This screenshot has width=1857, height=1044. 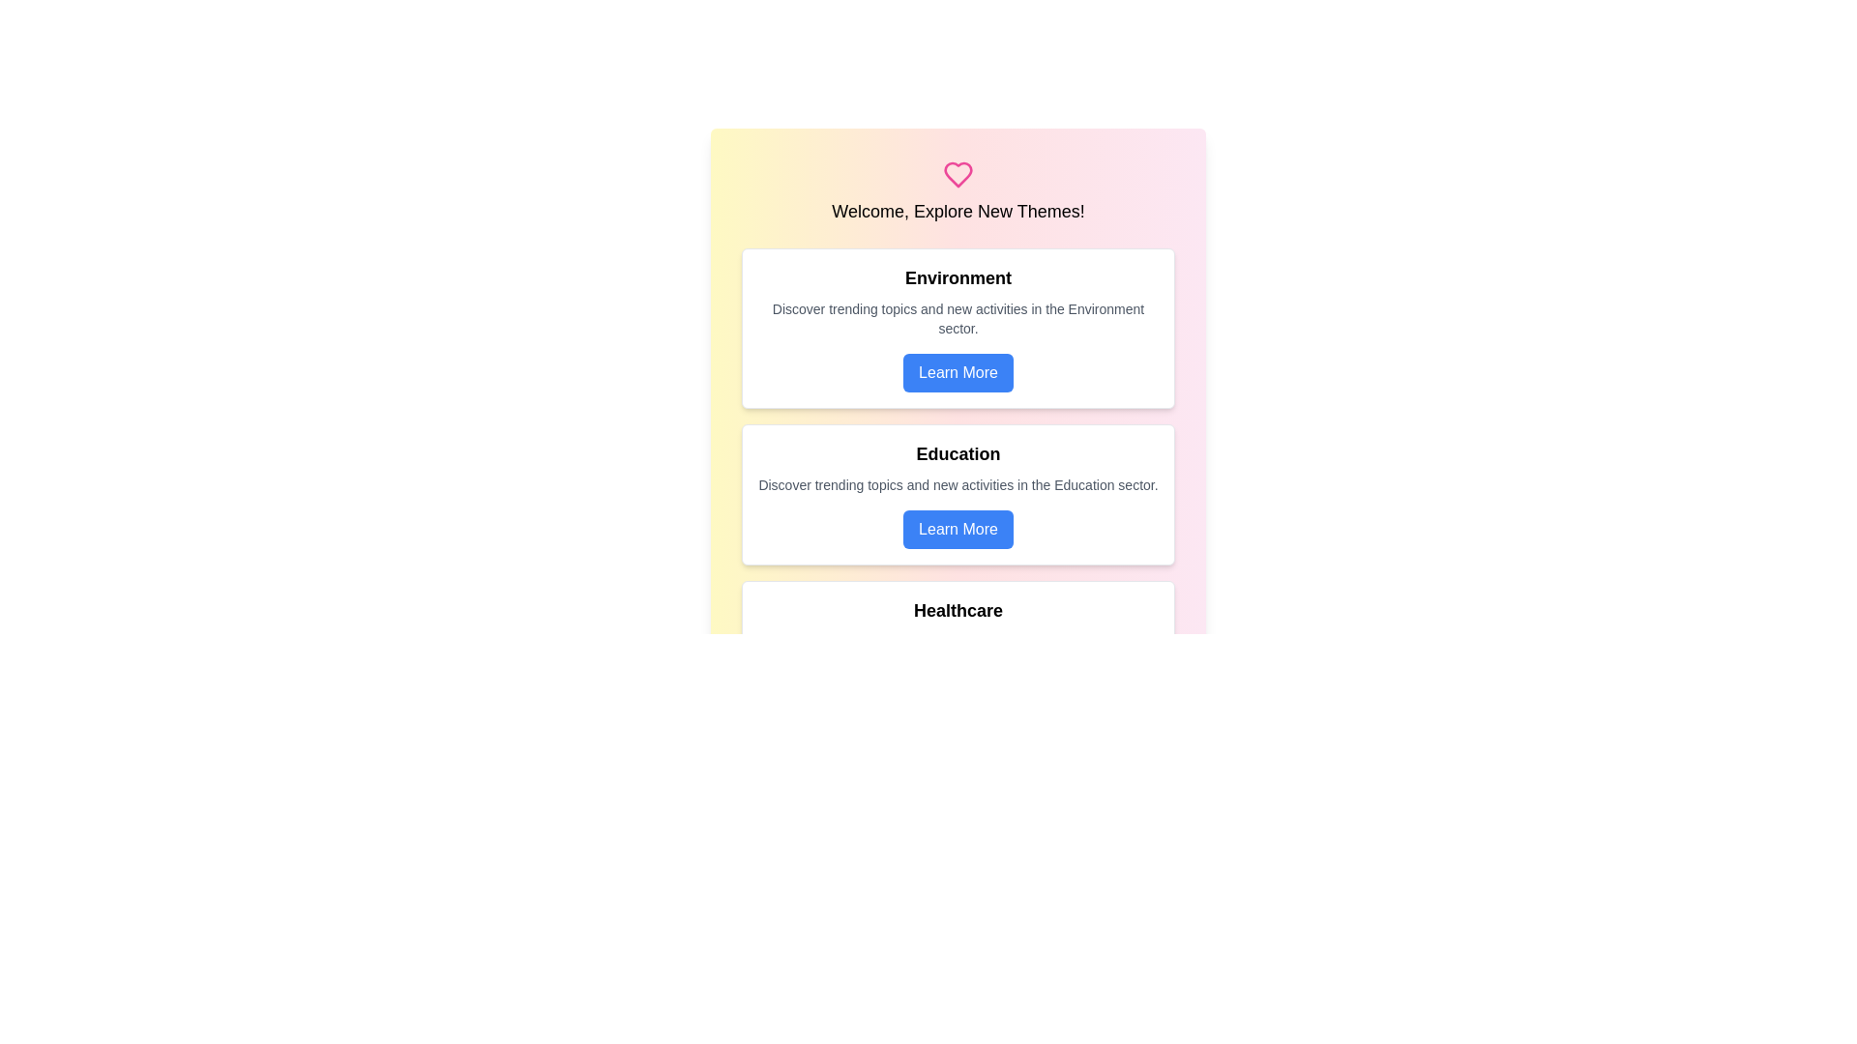 I want to click on the text label that displays 'Welcome, Explore New Themes!' which is centered below a heart icon and above the 'Environment' section, so click(x=958, y=212).